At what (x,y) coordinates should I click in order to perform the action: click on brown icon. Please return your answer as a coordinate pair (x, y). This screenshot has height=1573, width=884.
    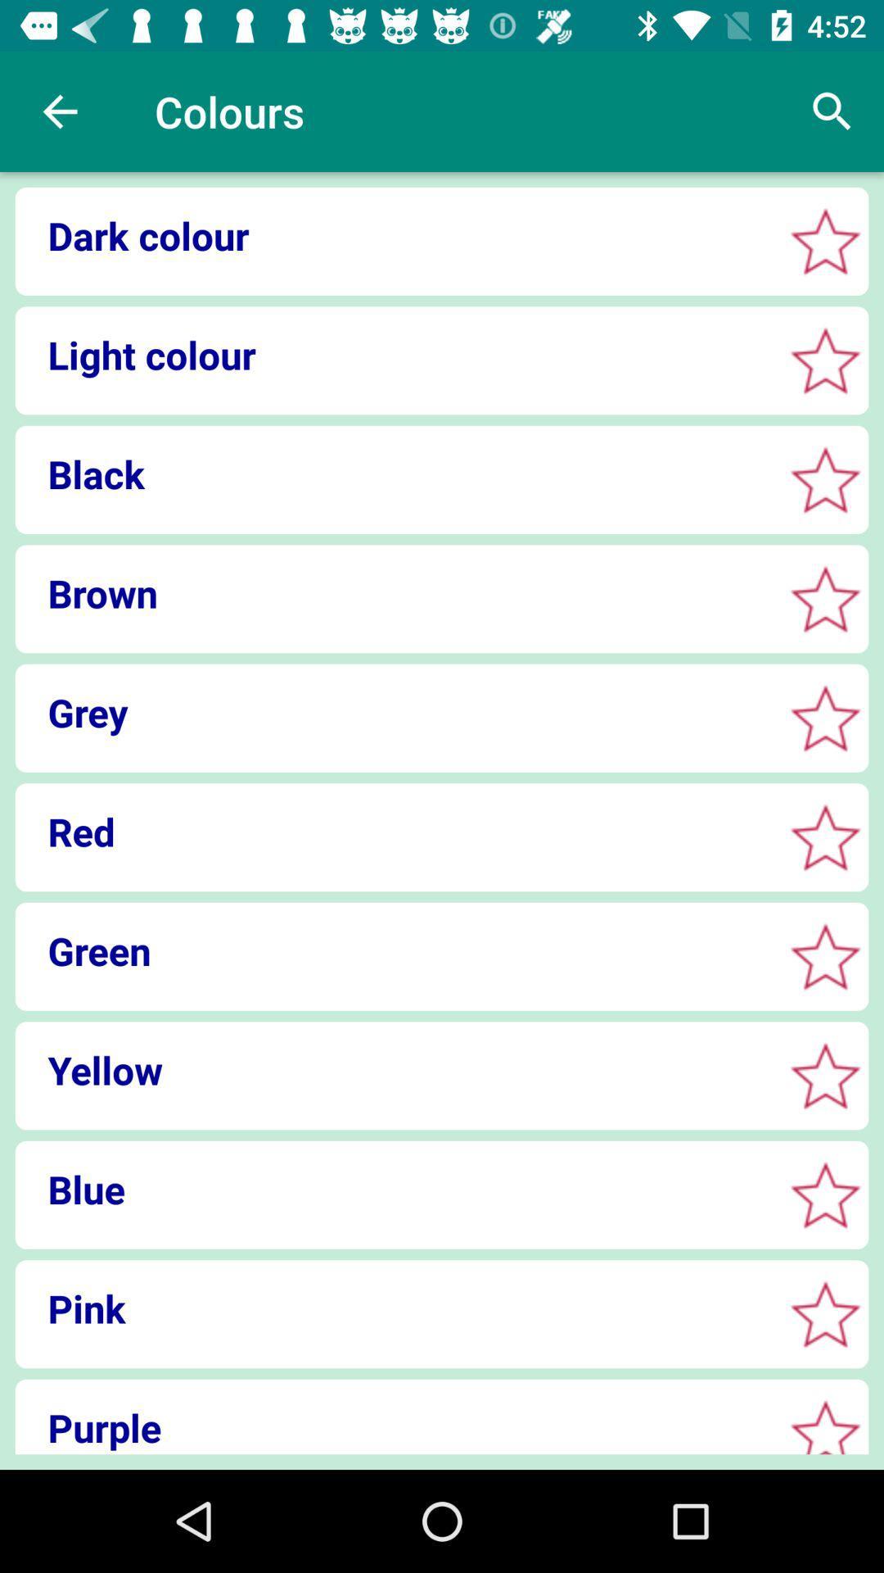
    Looking at the image, I should click on (394, 592).